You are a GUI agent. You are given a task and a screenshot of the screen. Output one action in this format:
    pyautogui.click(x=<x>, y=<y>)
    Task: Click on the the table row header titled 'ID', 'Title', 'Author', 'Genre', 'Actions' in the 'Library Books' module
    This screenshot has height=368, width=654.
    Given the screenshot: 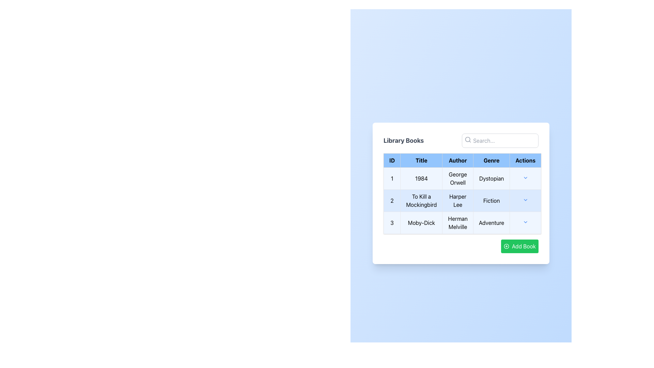 What is the action you would take?
    pyautogui.click(x=462, y=160)
    